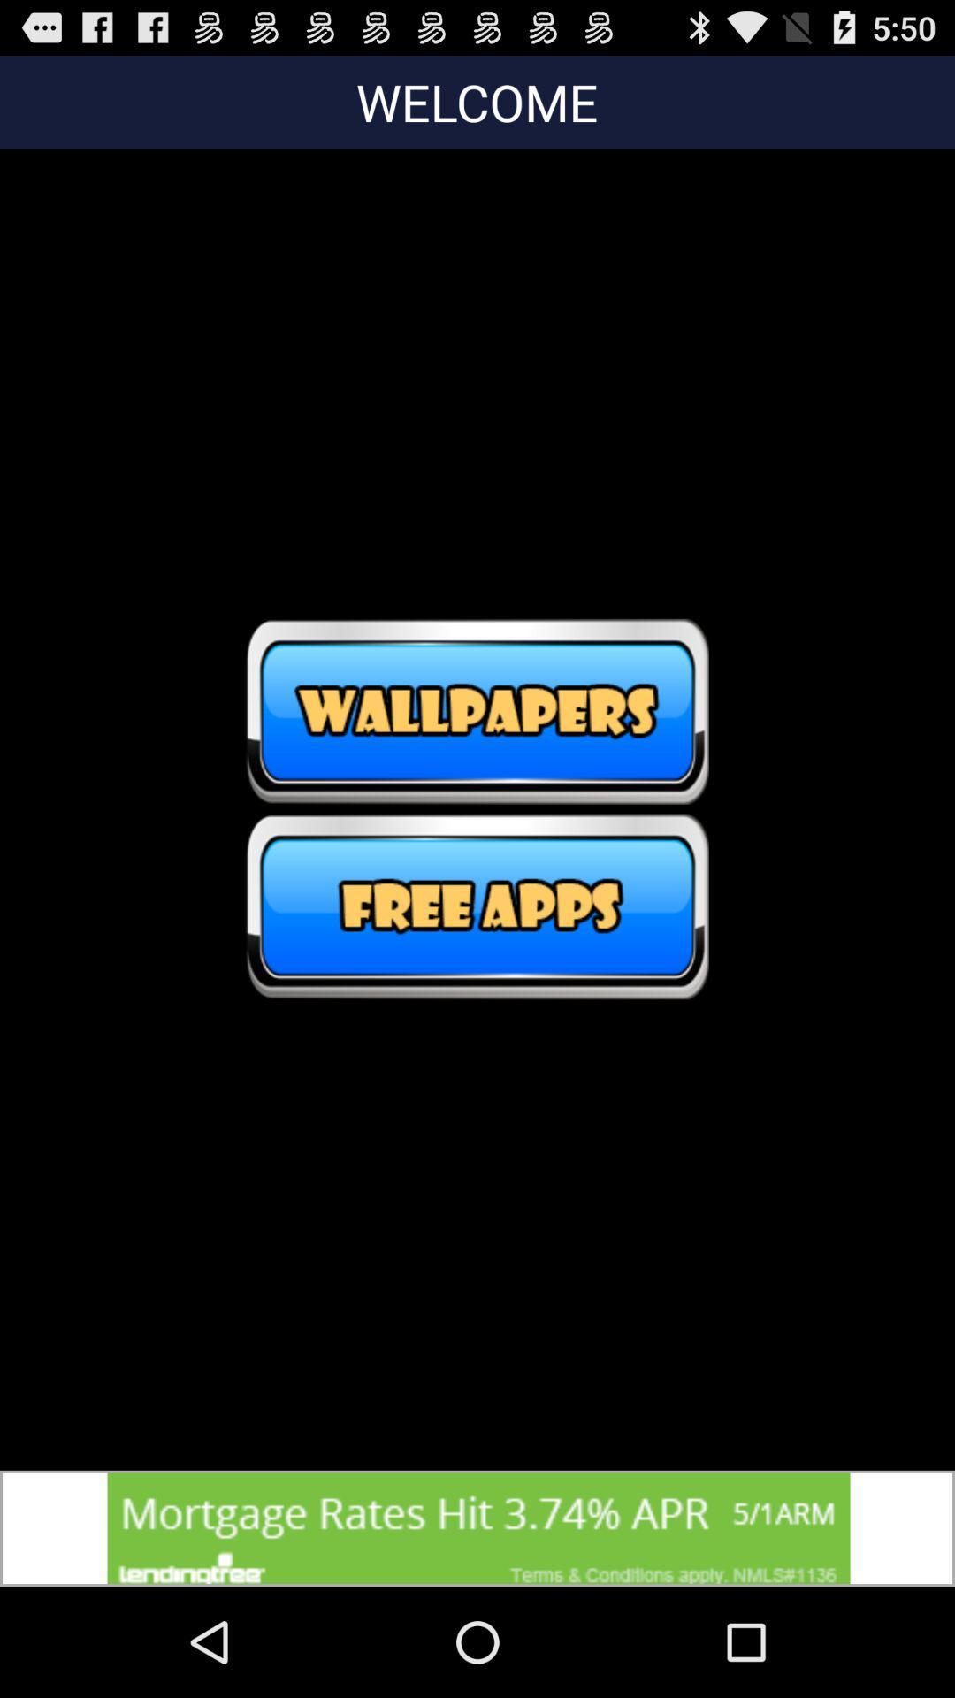 This screenshot has width=955, height=1698. What do you see at coordinates (477, 906) in the screenshot?
I see `link button` at bounding box center [477, 906].